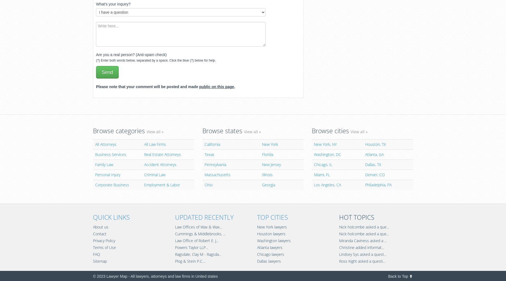 Image resolution: width=506 pixels, height=281 pixels. Describe the element at coordinates (147, 86) in the screenshot. I see `'Please note that your comment will be posted and made'` at that location.